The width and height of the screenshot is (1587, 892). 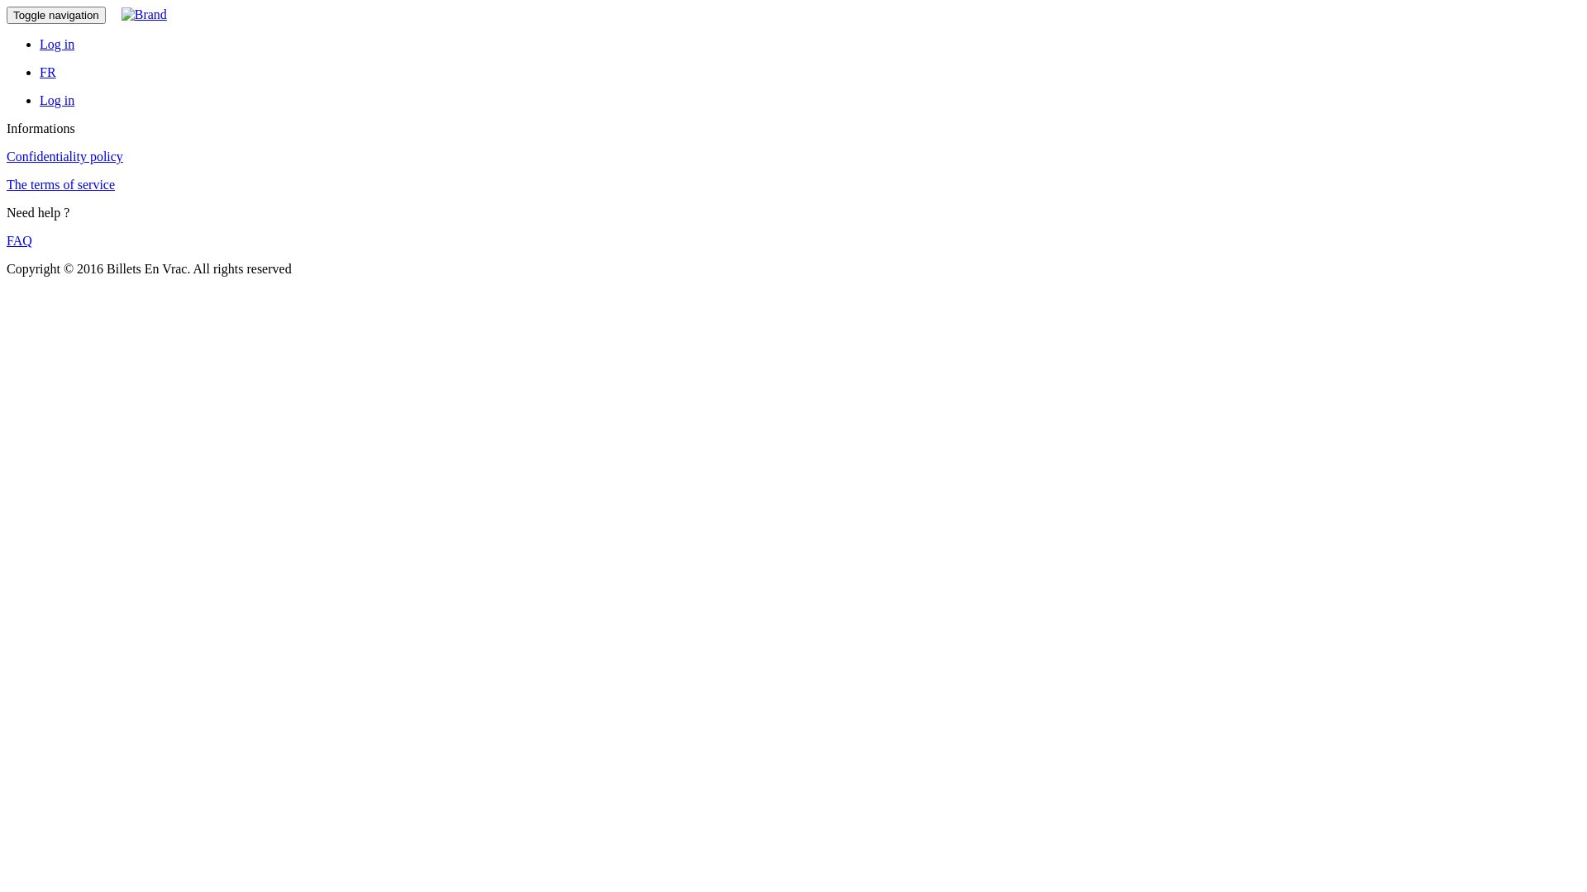 What do you see at coordinates (60, 184) in the screenshot?
I see `'The terms of service'` at bounding box center [60, 184].